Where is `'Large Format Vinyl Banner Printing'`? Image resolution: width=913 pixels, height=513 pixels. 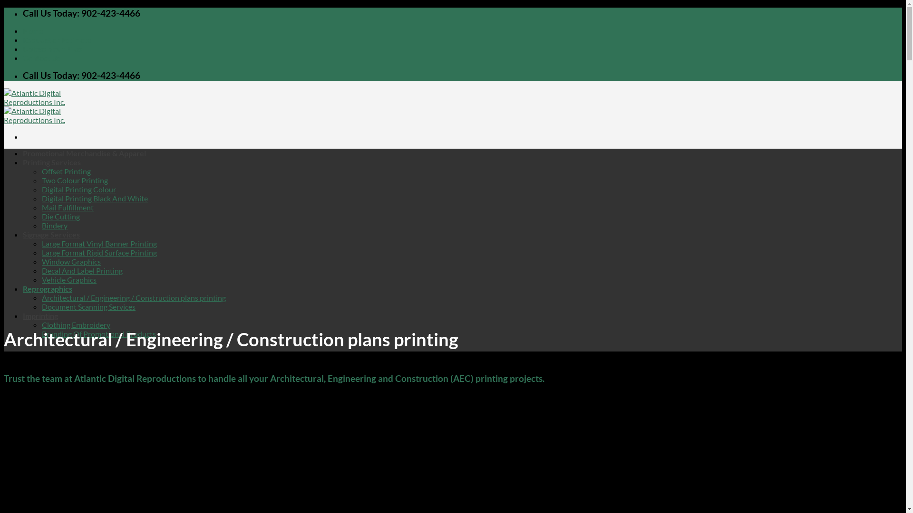 'Large Format Vinyl Banner Printing' is located at coordinates (99, 243).